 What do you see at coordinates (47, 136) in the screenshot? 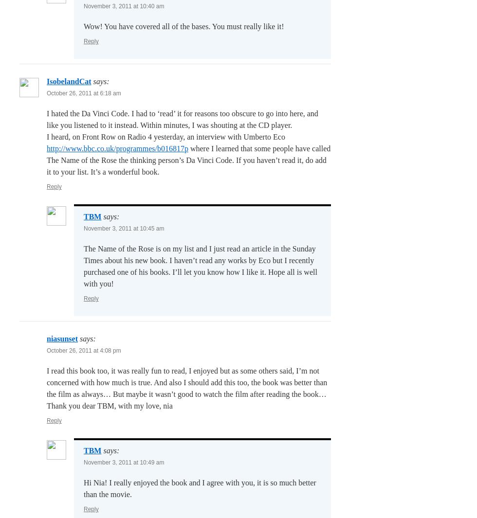
I see `'I heard, on Front Row on Radio 4 yesterday, an interview with Umberto Eco'` at bounding box center [47, 136].